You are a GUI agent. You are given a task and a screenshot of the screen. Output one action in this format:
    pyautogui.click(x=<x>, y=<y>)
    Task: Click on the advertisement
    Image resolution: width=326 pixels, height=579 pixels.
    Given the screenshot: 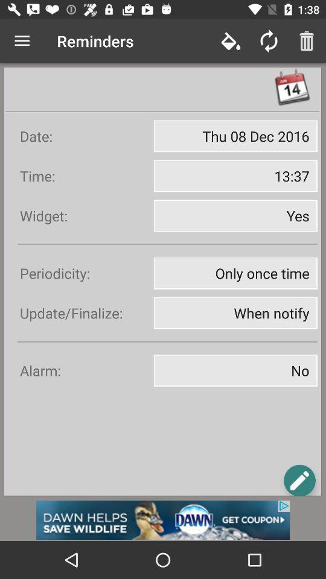 What is the action you would take?
    pyautogui.click(x=163, y=519)
    